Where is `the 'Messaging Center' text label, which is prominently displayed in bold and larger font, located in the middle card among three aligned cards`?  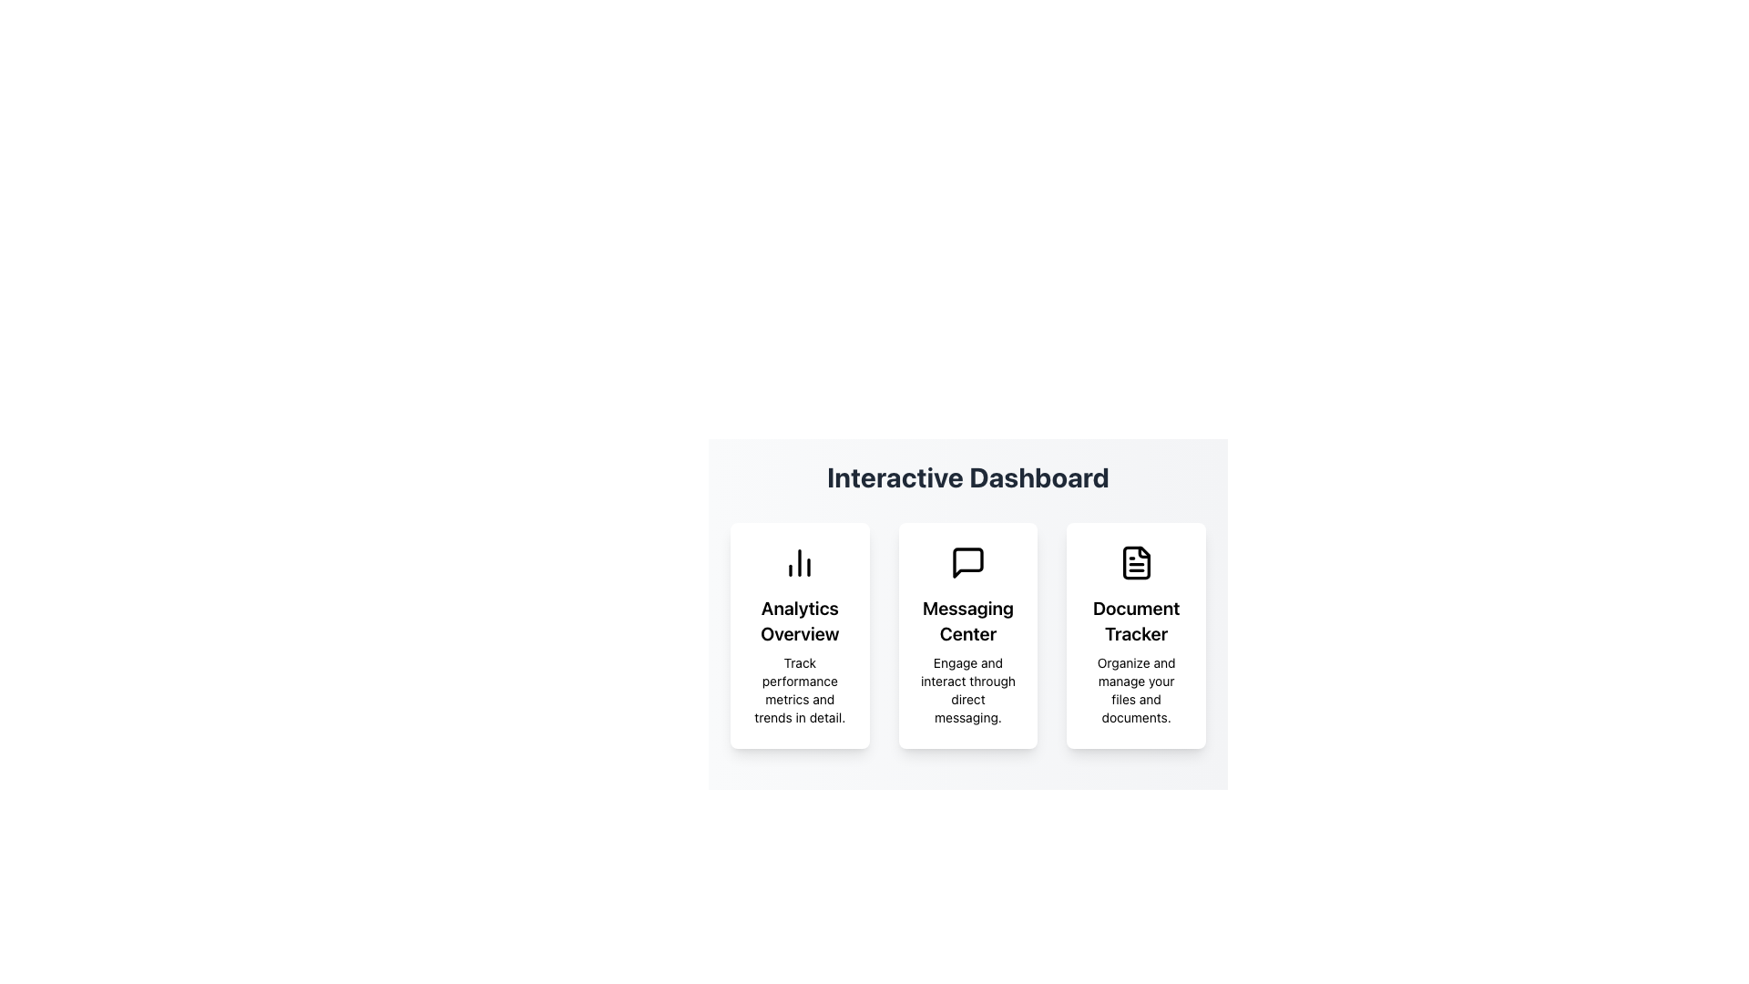
the 'Messaging Center' text label, which is prominently displayed in bold and larger font, located in the middle card among three aligned cards is located at coordinates (967, 620).